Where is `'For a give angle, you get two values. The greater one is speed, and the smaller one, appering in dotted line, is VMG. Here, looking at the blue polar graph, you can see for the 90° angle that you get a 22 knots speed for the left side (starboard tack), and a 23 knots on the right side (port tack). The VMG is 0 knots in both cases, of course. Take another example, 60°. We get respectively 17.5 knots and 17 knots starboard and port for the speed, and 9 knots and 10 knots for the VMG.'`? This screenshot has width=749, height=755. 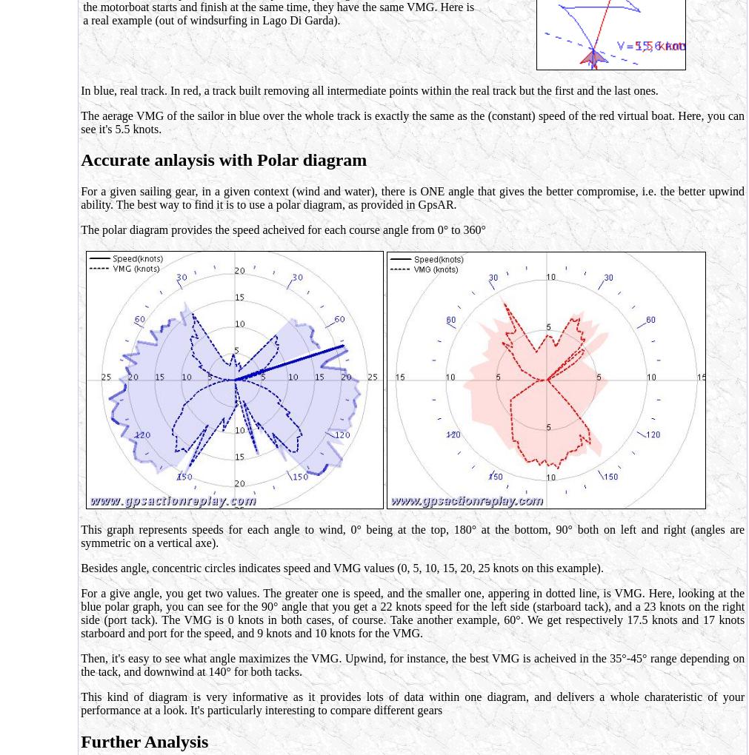 'For a give angle, you get two values. The greater one is speed, and the smaller one, appering in dotted line, is VMG. Here, looking at the blue polar graph, you can see for the 90° angle that you get a 22 knots speed for the left side (starboard tack), and a 23 knots on the right side (port tack). The VMG is 0 knots in both cases, of course. Take another example, 60°. We get respectively 17.5 knots and 17 knots starboard and port for the speed, and 9 knots and 10 knots for the VMG.' is located at coordinates (412, 613).